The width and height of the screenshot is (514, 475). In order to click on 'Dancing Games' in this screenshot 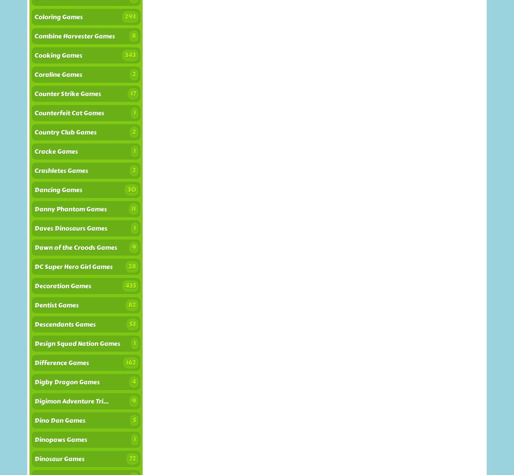, I will do `click(58, 190)`.